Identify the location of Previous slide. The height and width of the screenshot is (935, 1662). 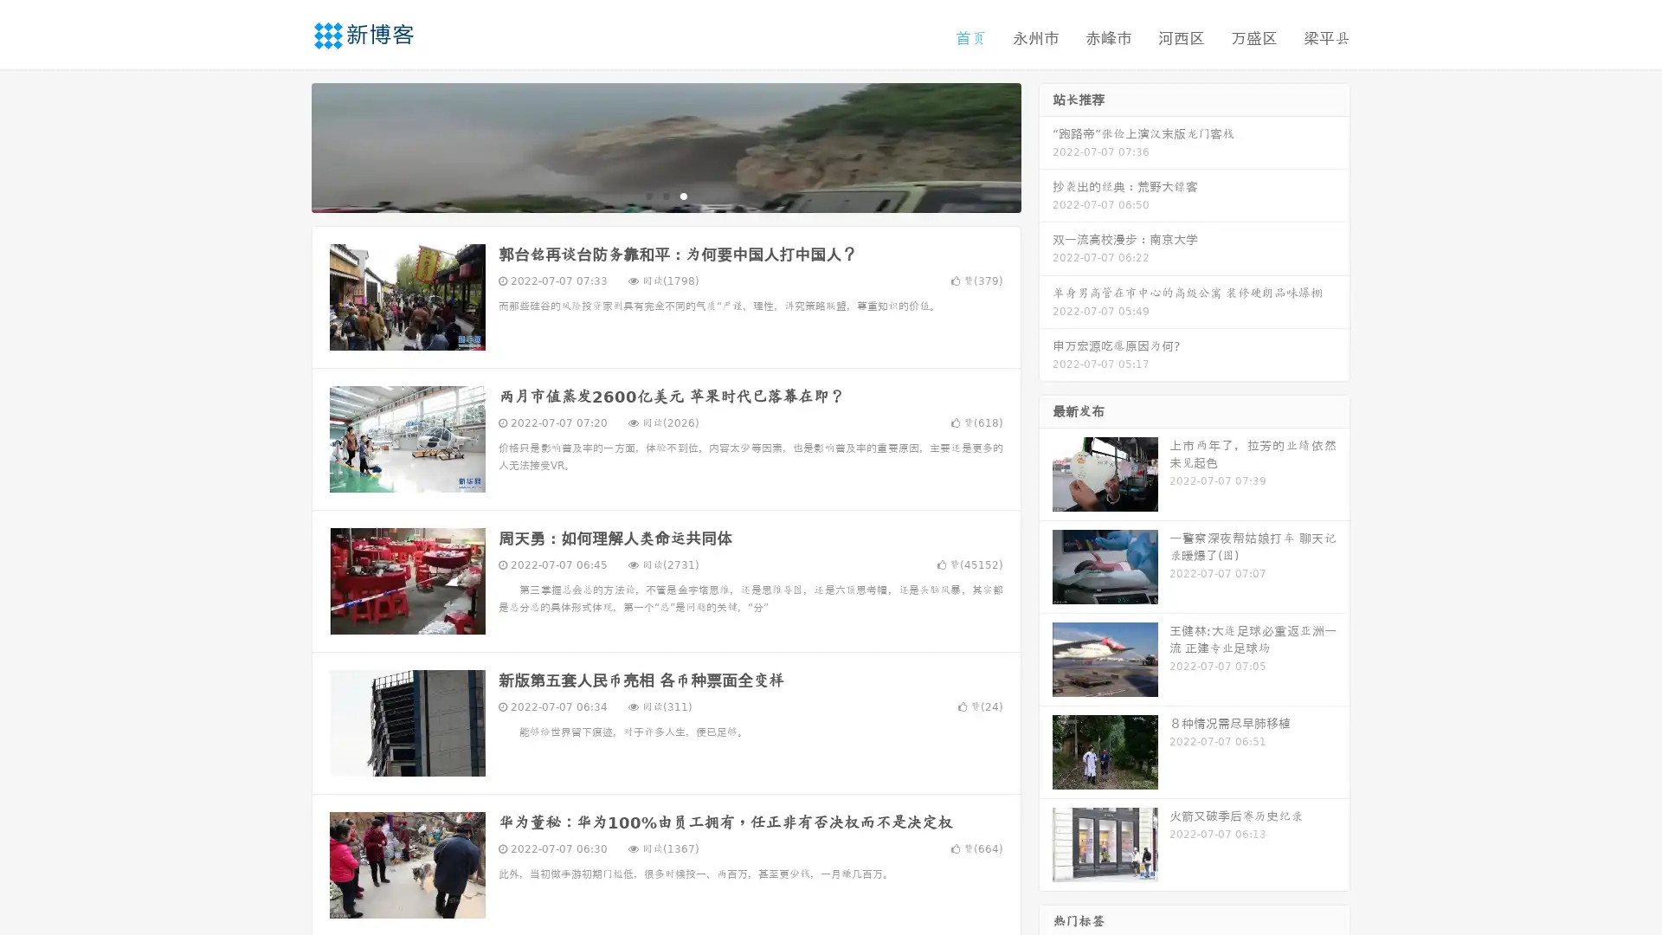
(286, 145).